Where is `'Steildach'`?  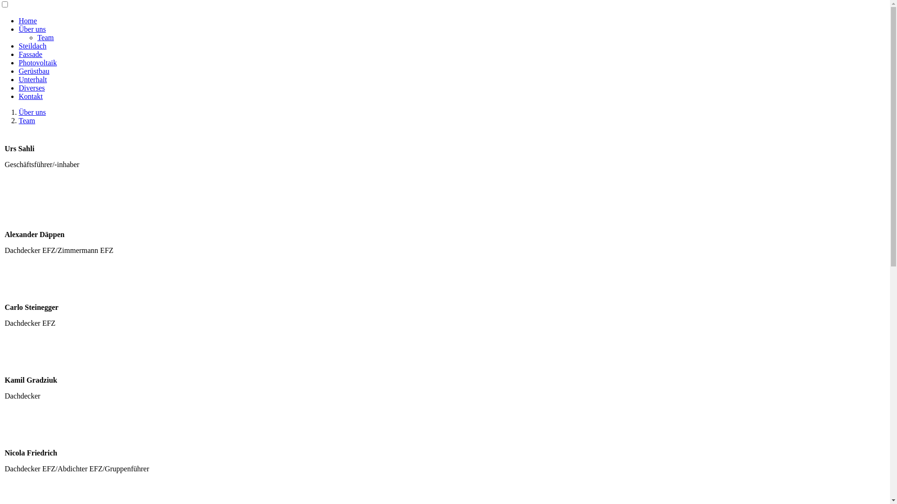
'Steildach' is located at coordinates (33, 46).